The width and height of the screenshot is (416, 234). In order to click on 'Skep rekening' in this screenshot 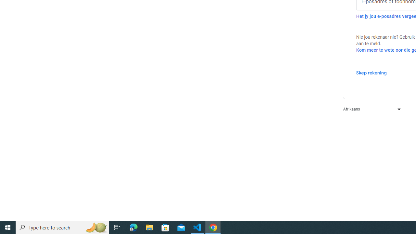, I will do `click(371, 72)`.